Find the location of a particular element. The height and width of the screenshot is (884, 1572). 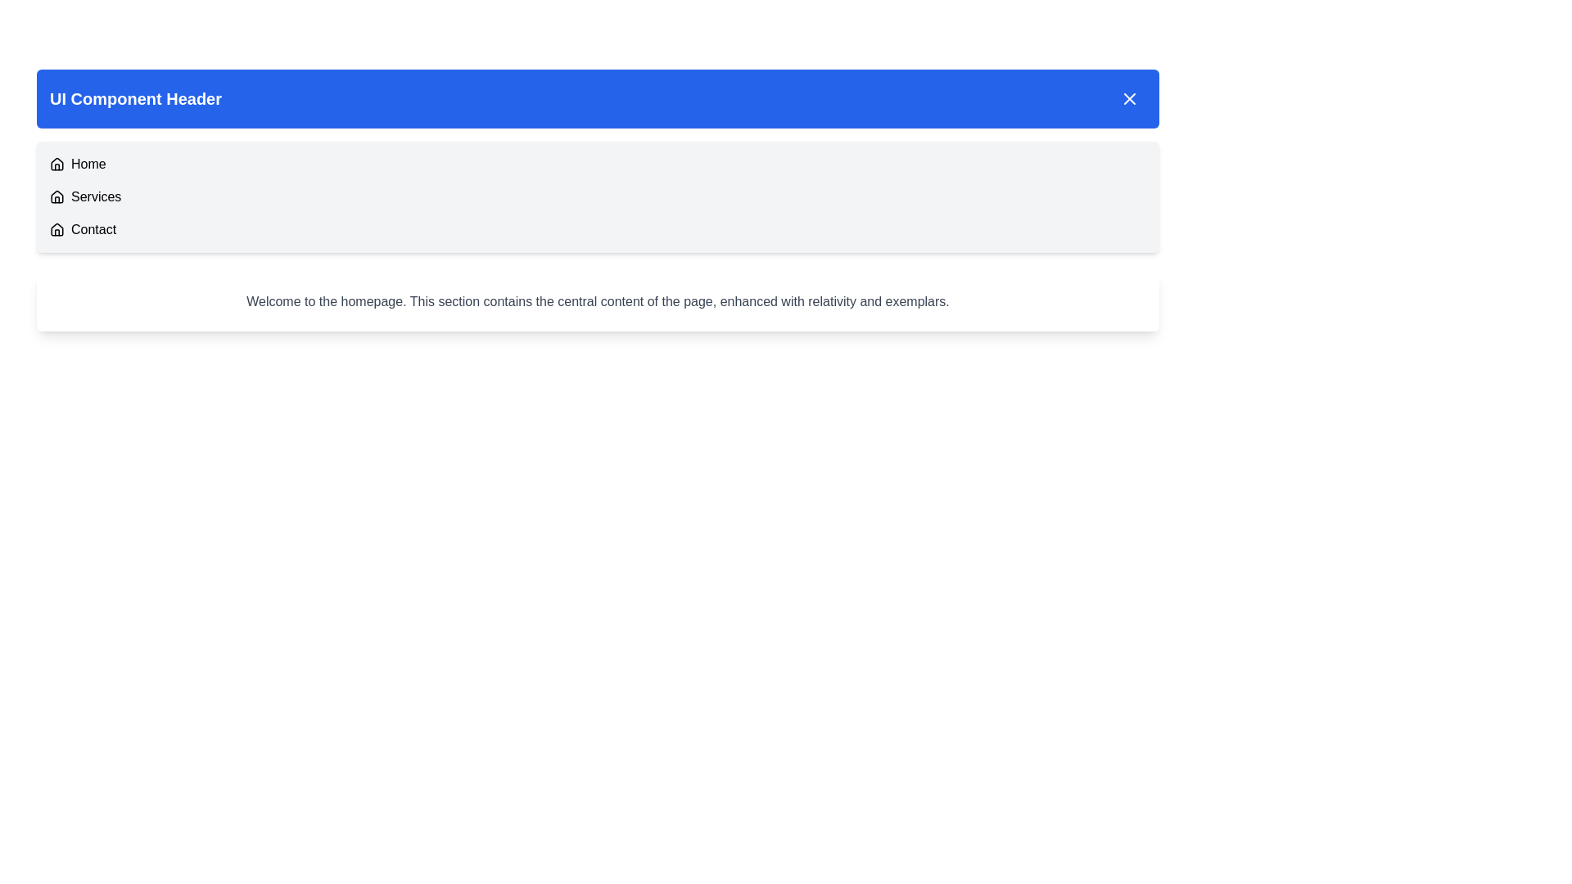

welcome message displayed in the informational text block located at the bottom of the viewport, under the 'Home', 'Services', and 'Contact' links is located at coordinates (597, 302).